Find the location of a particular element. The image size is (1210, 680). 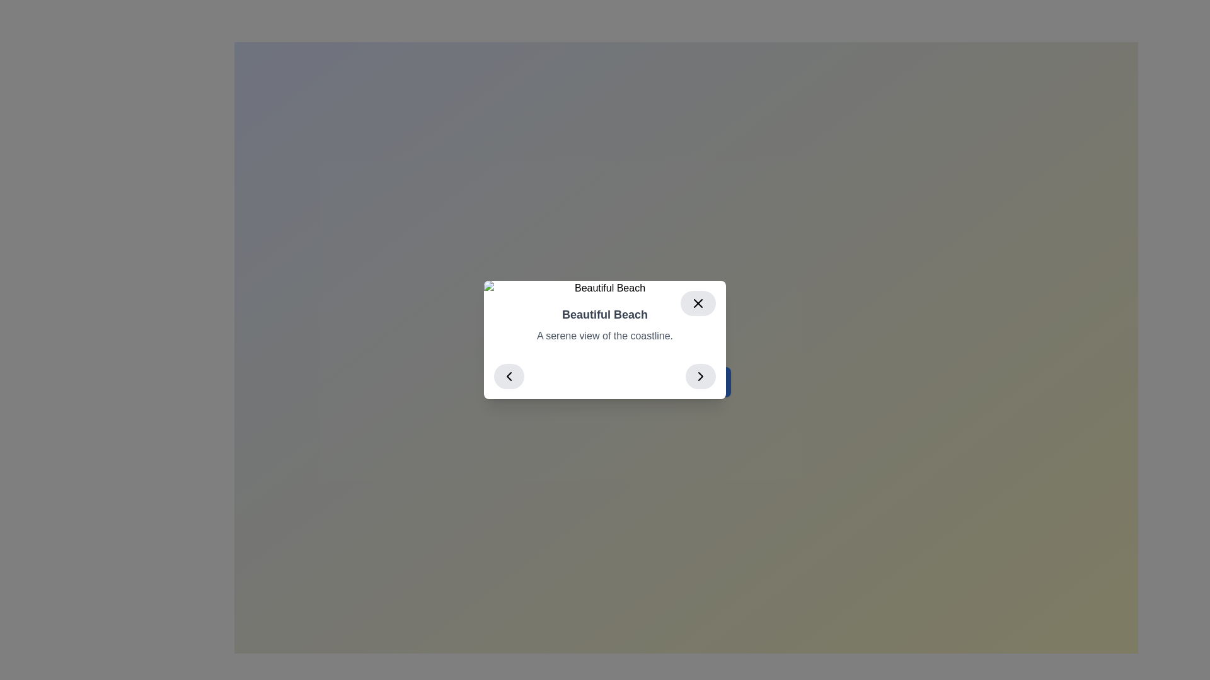

the 'X' icon, which is part of the close button in the top-right corner of the pop-up dialog titled 'Beautiful Beach' is located at coordinates (698, 303).